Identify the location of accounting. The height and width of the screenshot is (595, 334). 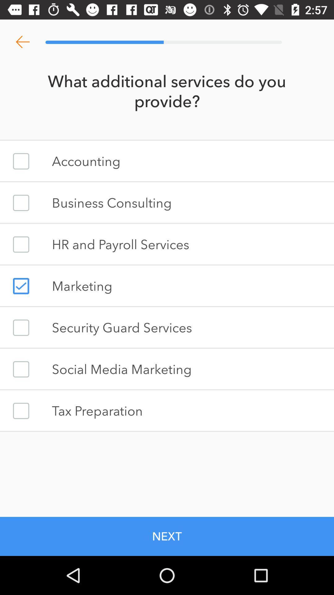
(21, 161).